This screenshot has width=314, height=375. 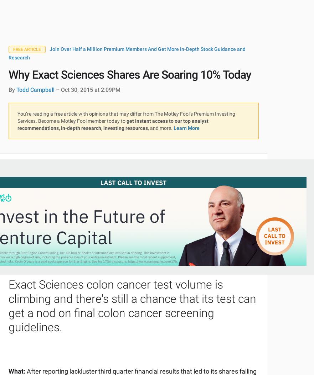 What do you see at coordinates (146, 39) in the screenshot?
I see `'Which Is the Better Cancer-Testing Healthcare Stock: Exact Sciences or Guardant Health?'` at bounding box center [146, 39].